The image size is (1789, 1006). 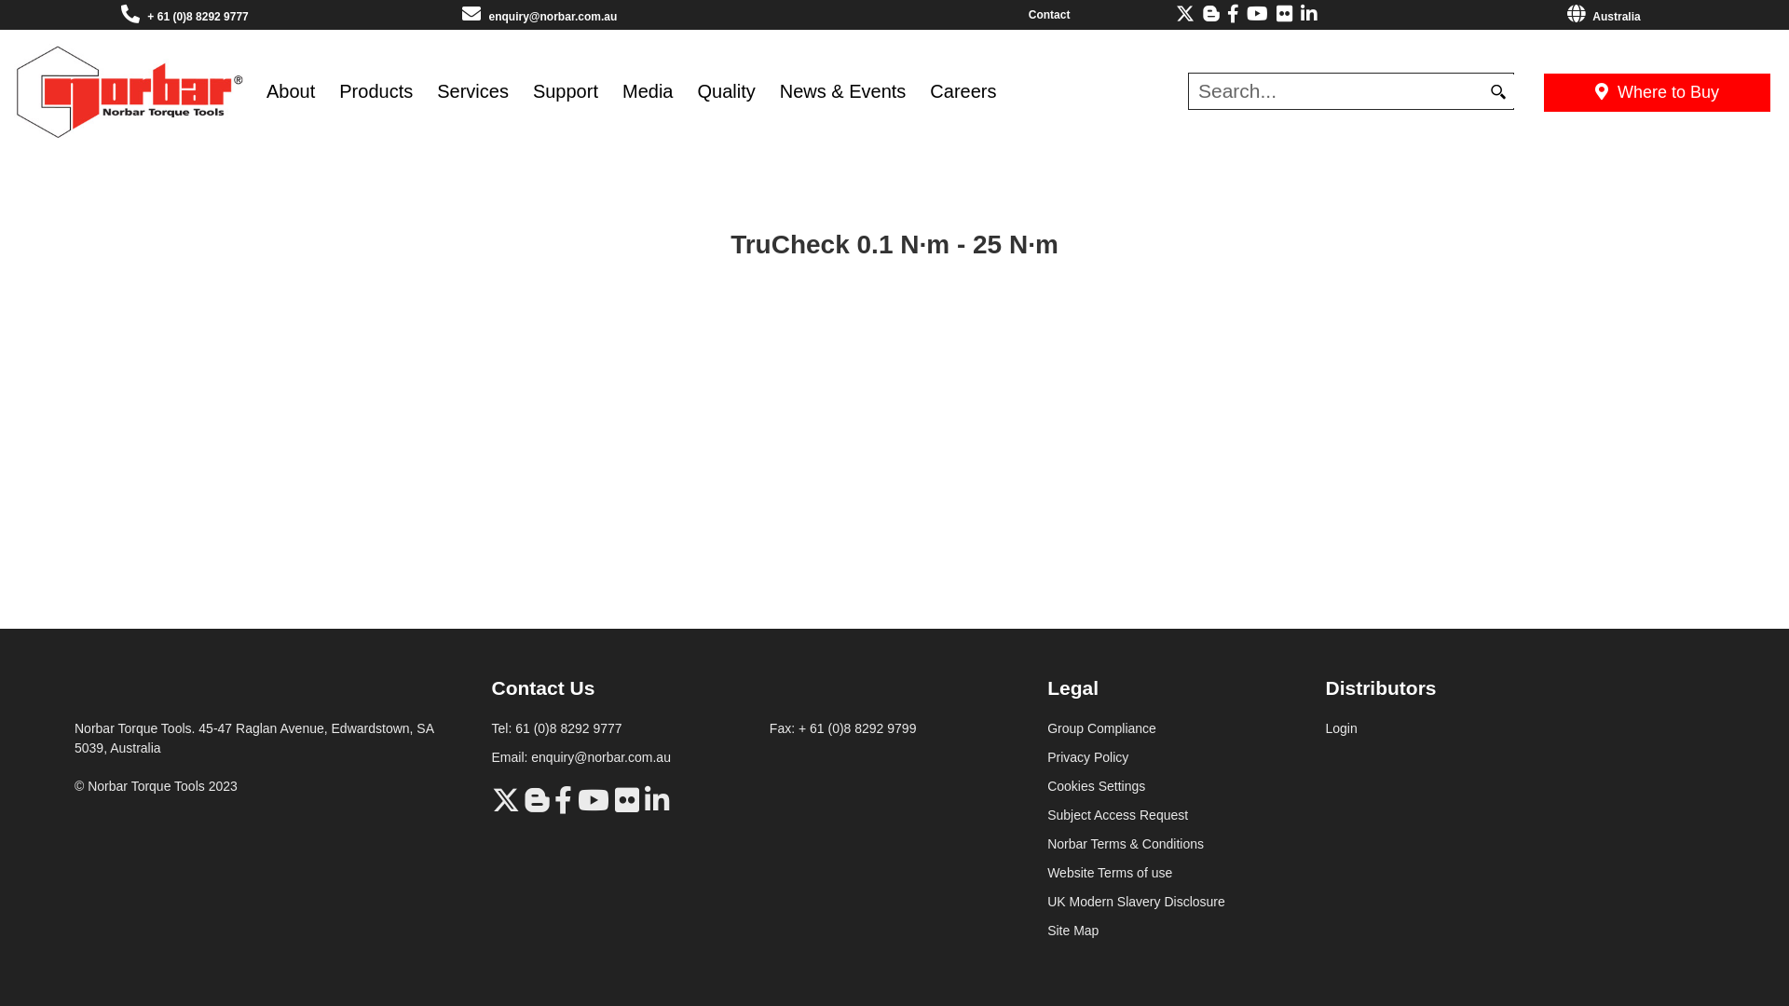 I want to click on 'Australia', so click(x=1603, y=17).